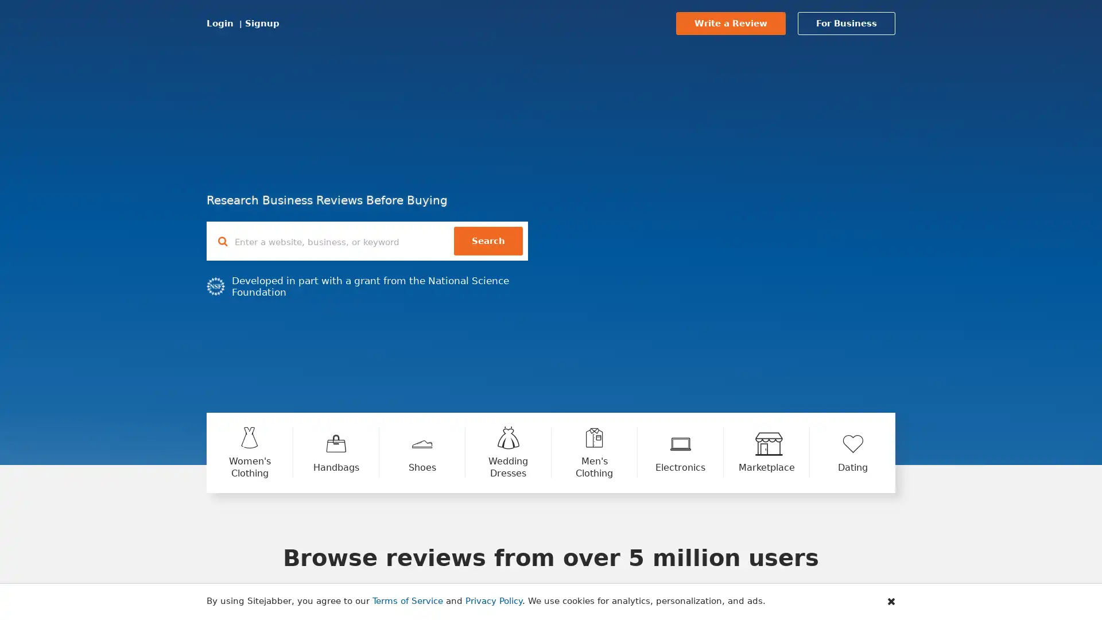  I want to click on Search, so click(488, 241).